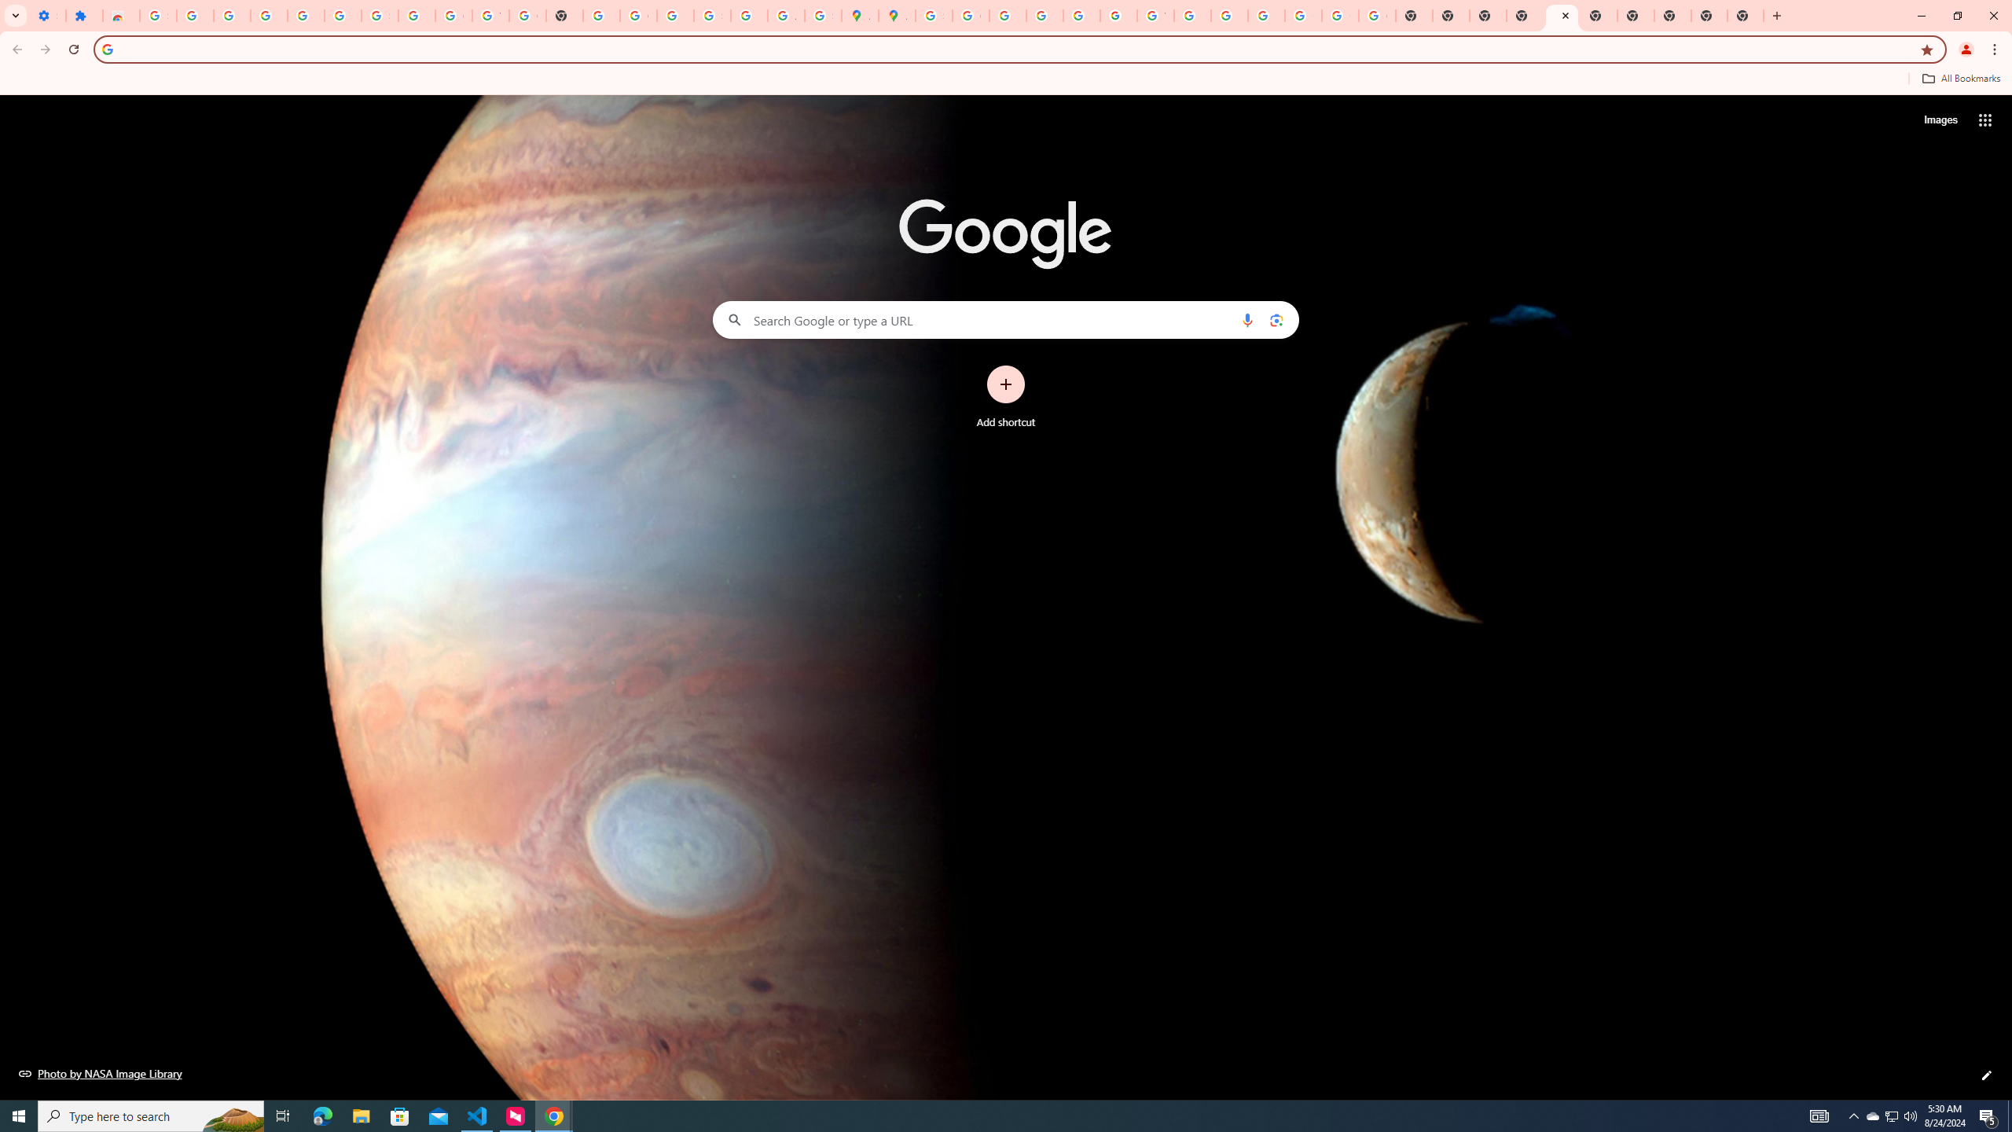 The image size is (2012, 1132). Describe the element at coordinates (490, 15) in the screenshot. I see `'YouTube'` at that location.